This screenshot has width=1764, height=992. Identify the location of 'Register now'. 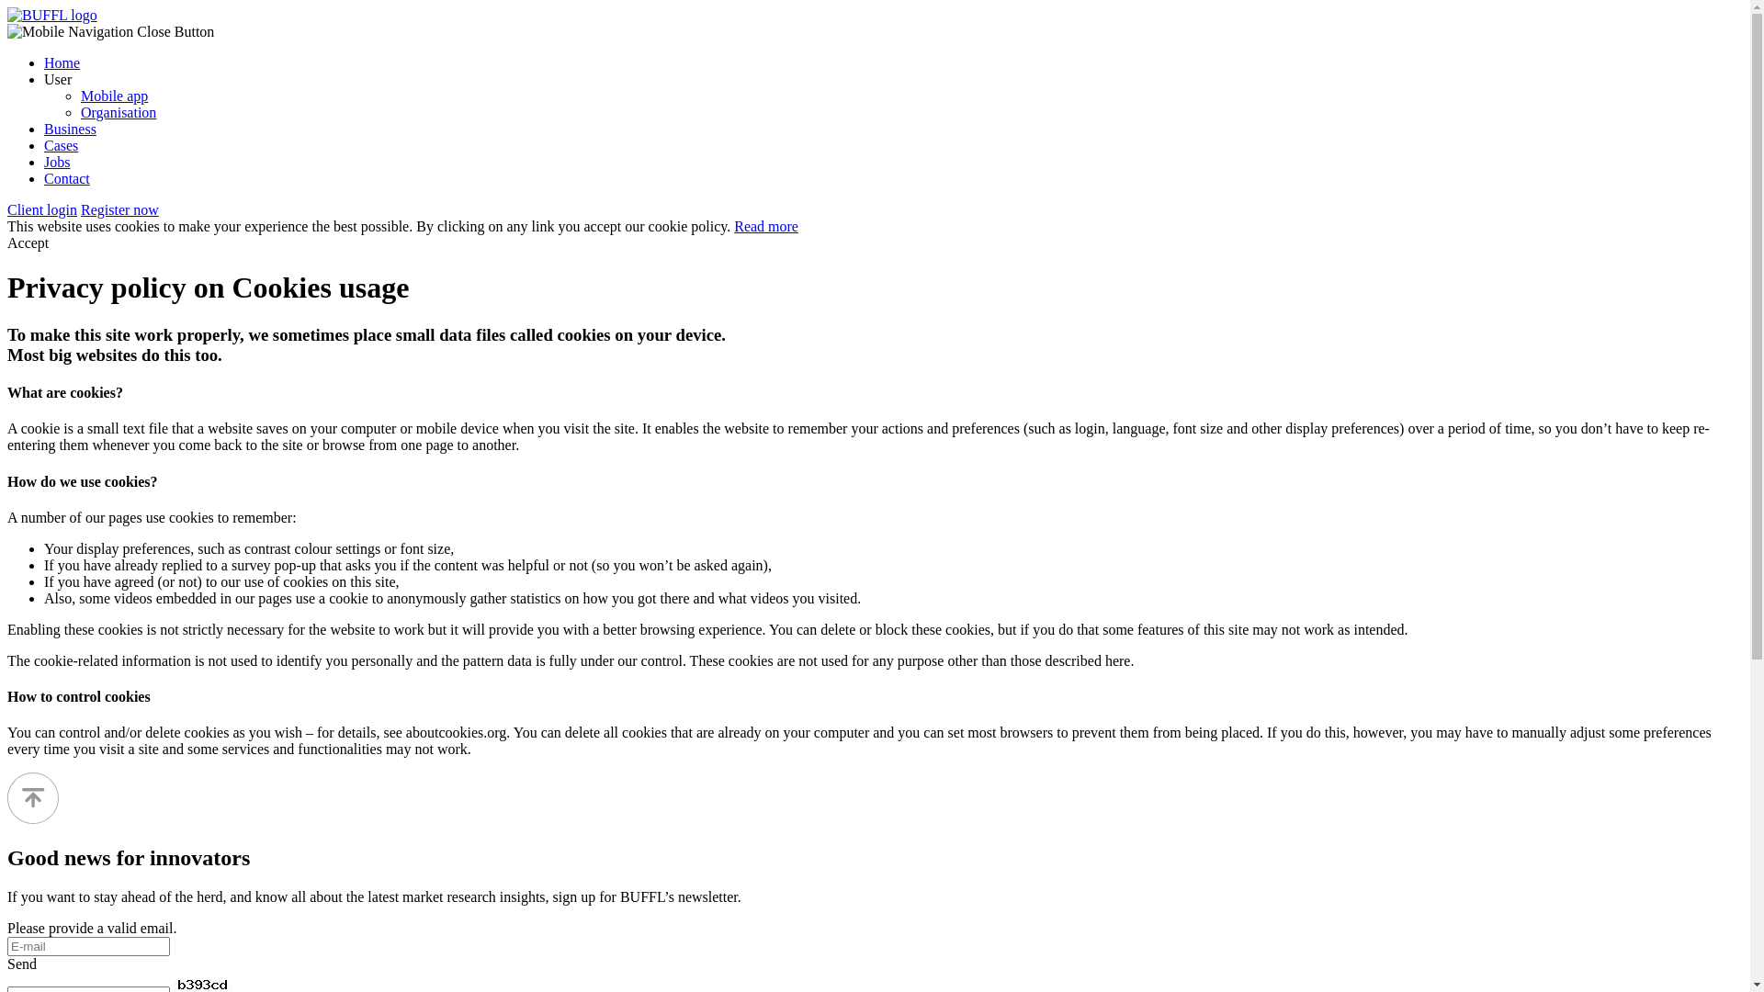
(119, 209).